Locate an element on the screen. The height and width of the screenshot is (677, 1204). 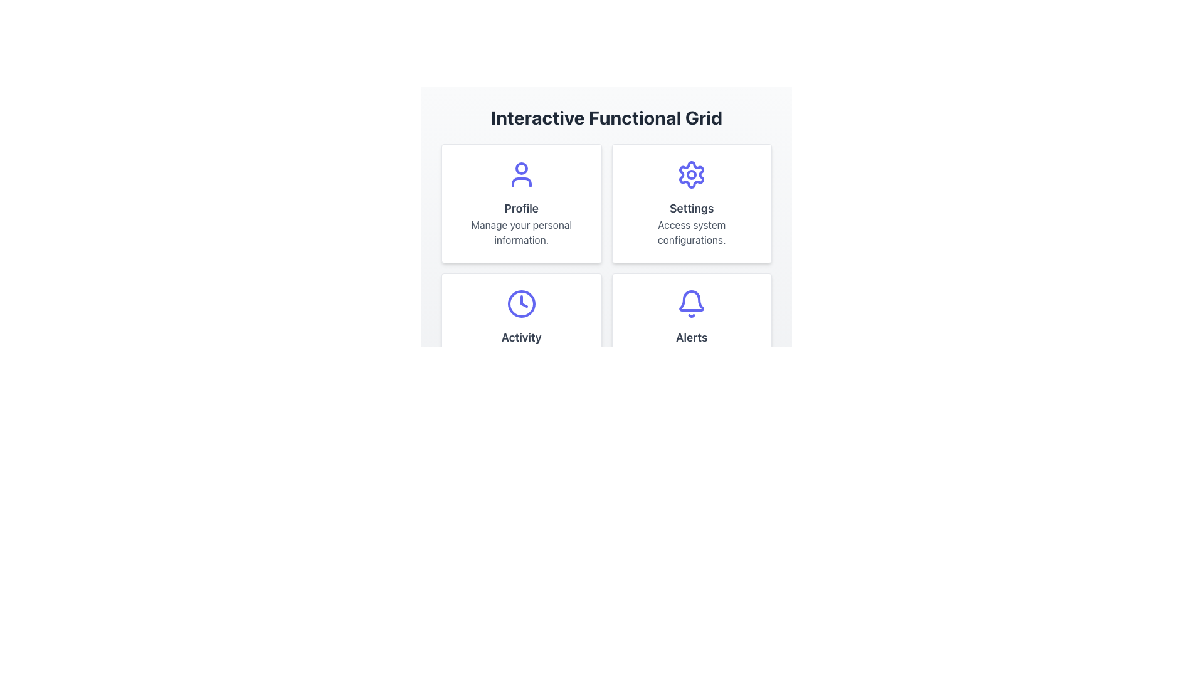
the 'Alerts' text label located in the lower-right box of the four-tile grid, which is displayed in a bold, centered gray font, below a bell icon is located at coordinates (691, 337).